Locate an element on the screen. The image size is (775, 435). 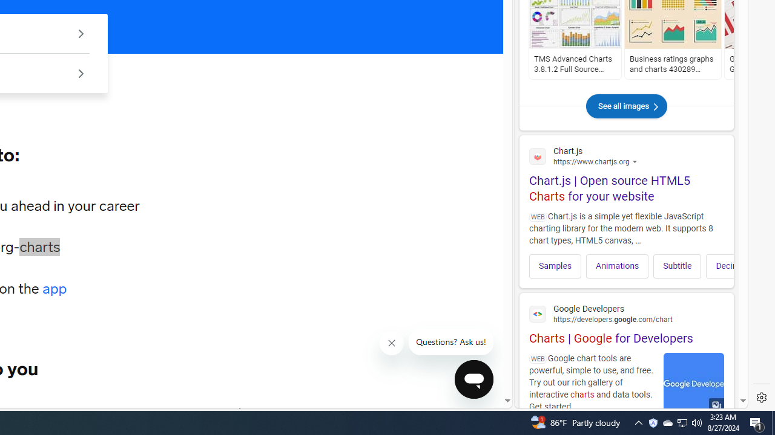
'TMS Advanced Charts 3.8.1.2 Full Source D6~XE7' is located at coordinates (574, 64).